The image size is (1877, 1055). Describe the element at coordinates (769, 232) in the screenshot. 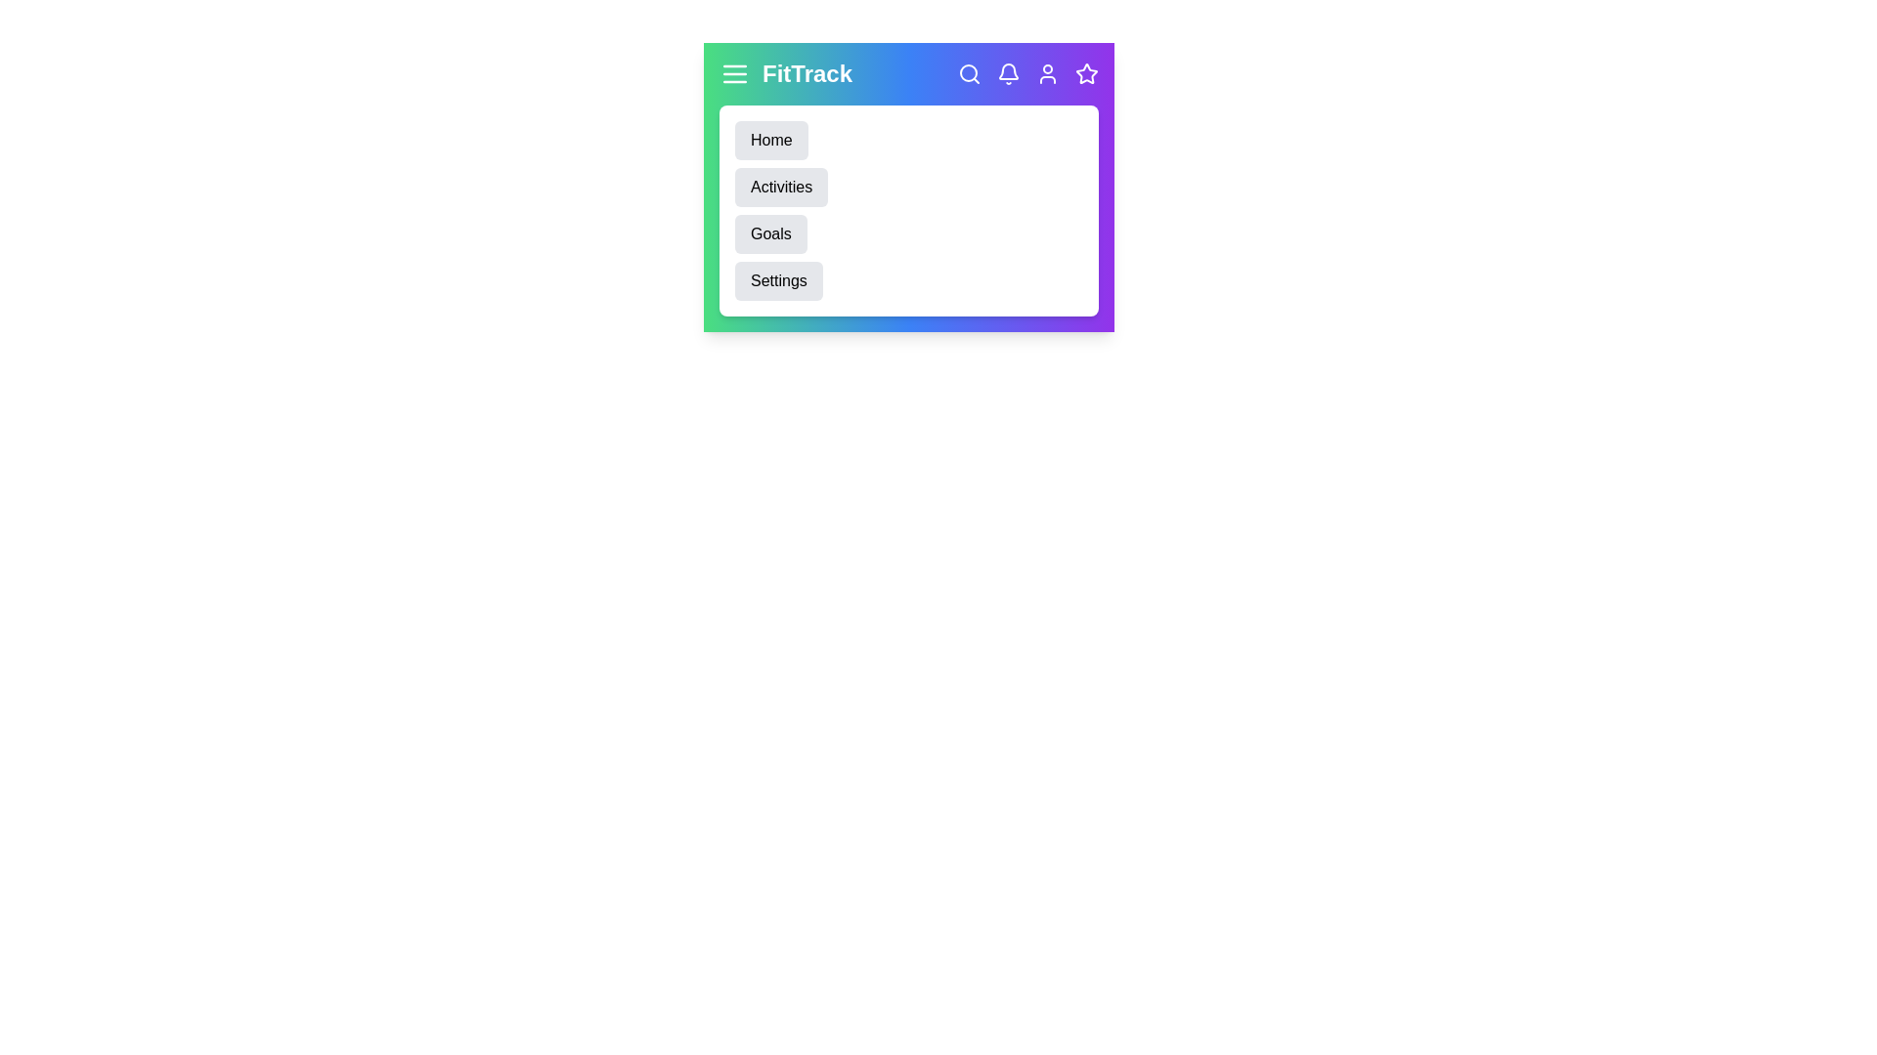

I see `the 'Goals' menu item to navigate to the Goals section` at that location.